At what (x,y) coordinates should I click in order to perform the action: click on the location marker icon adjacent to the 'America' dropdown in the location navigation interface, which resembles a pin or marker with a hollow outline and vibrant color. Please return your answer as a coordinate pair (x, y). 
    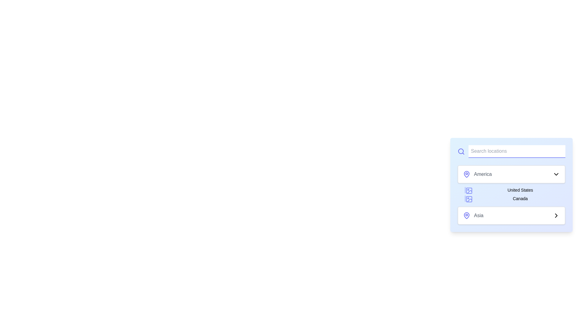
    Looking at the image, I should click on (466, 174).